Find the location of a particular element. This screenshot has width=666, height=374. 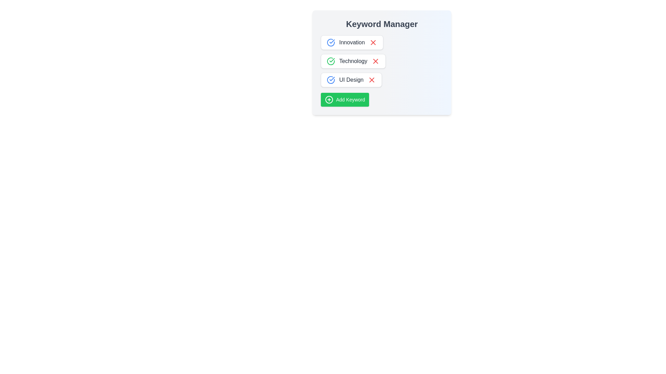

the keyword UI Design from the list by clicking its corresponding remove button is located at coordinates (372, 80).